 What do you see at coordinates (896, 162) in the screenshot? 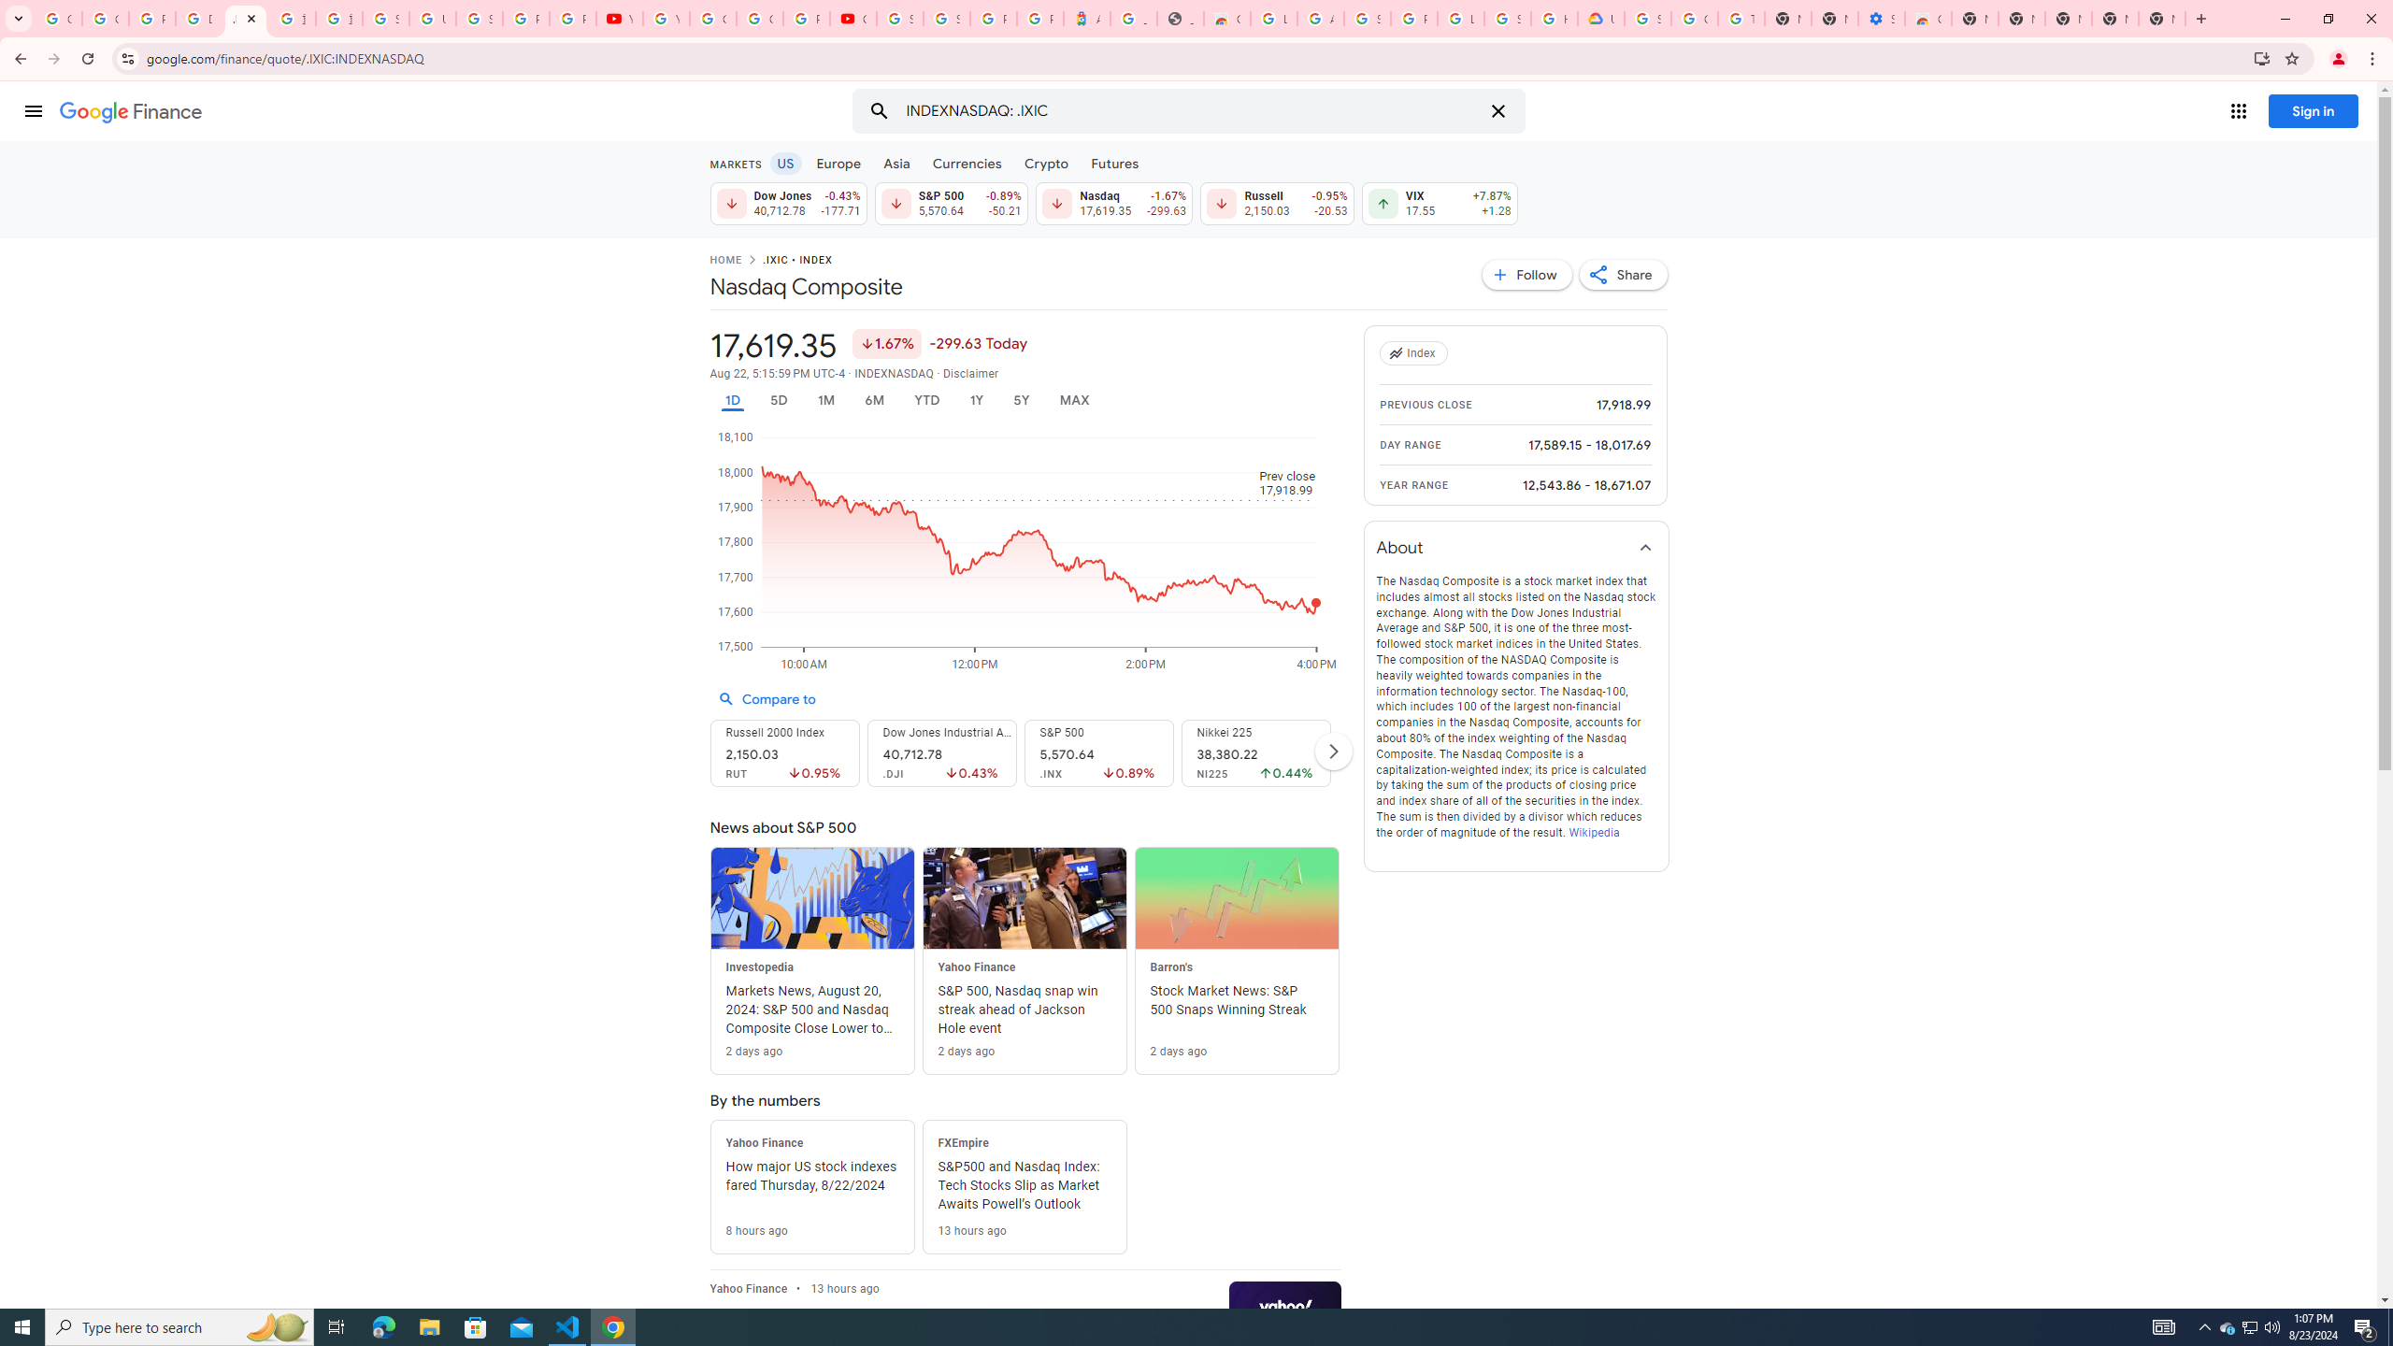
I see `'Asia'` at bounding box center [896, 162].